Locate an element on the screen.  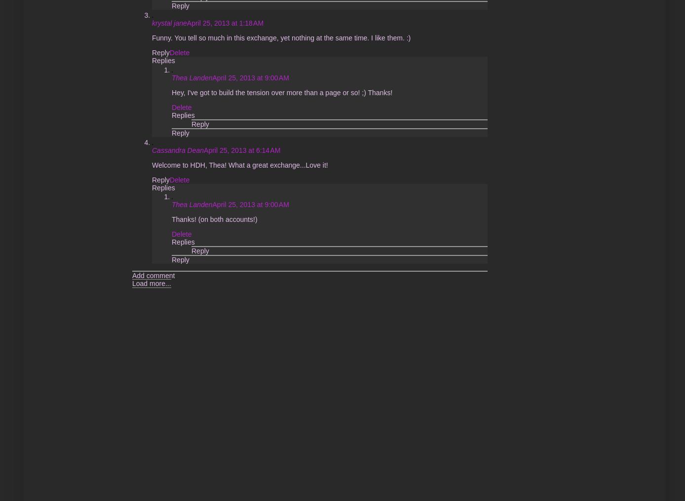
'Welcome to HDH, Thea! What a great exchange...Love it!' is located at coordinates (239, 164).